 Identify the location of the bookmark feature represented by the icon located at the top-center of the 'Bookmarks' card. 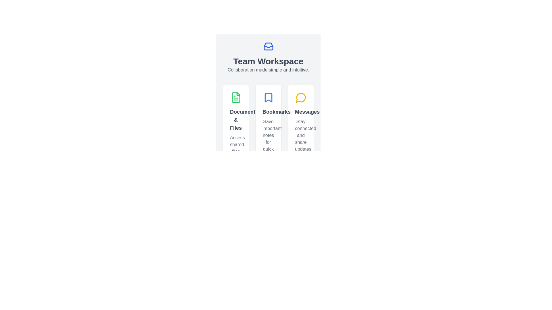
(268, 97).